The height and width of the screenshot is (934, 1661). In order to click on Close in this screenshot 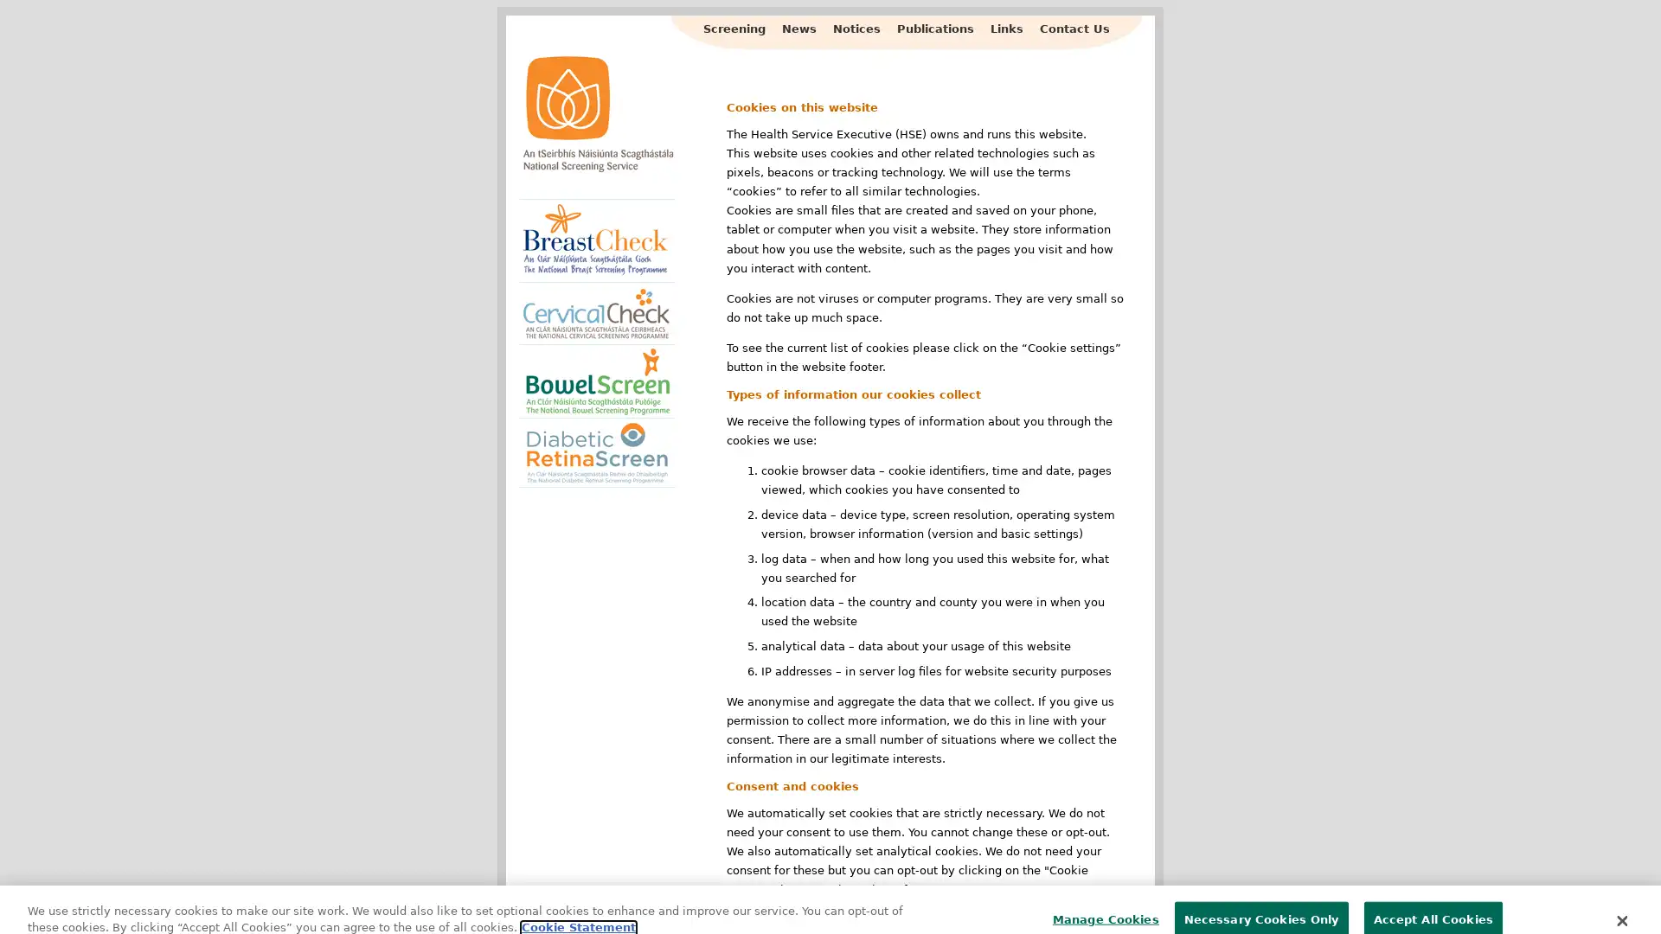, I will do `click(1620, 896)`.